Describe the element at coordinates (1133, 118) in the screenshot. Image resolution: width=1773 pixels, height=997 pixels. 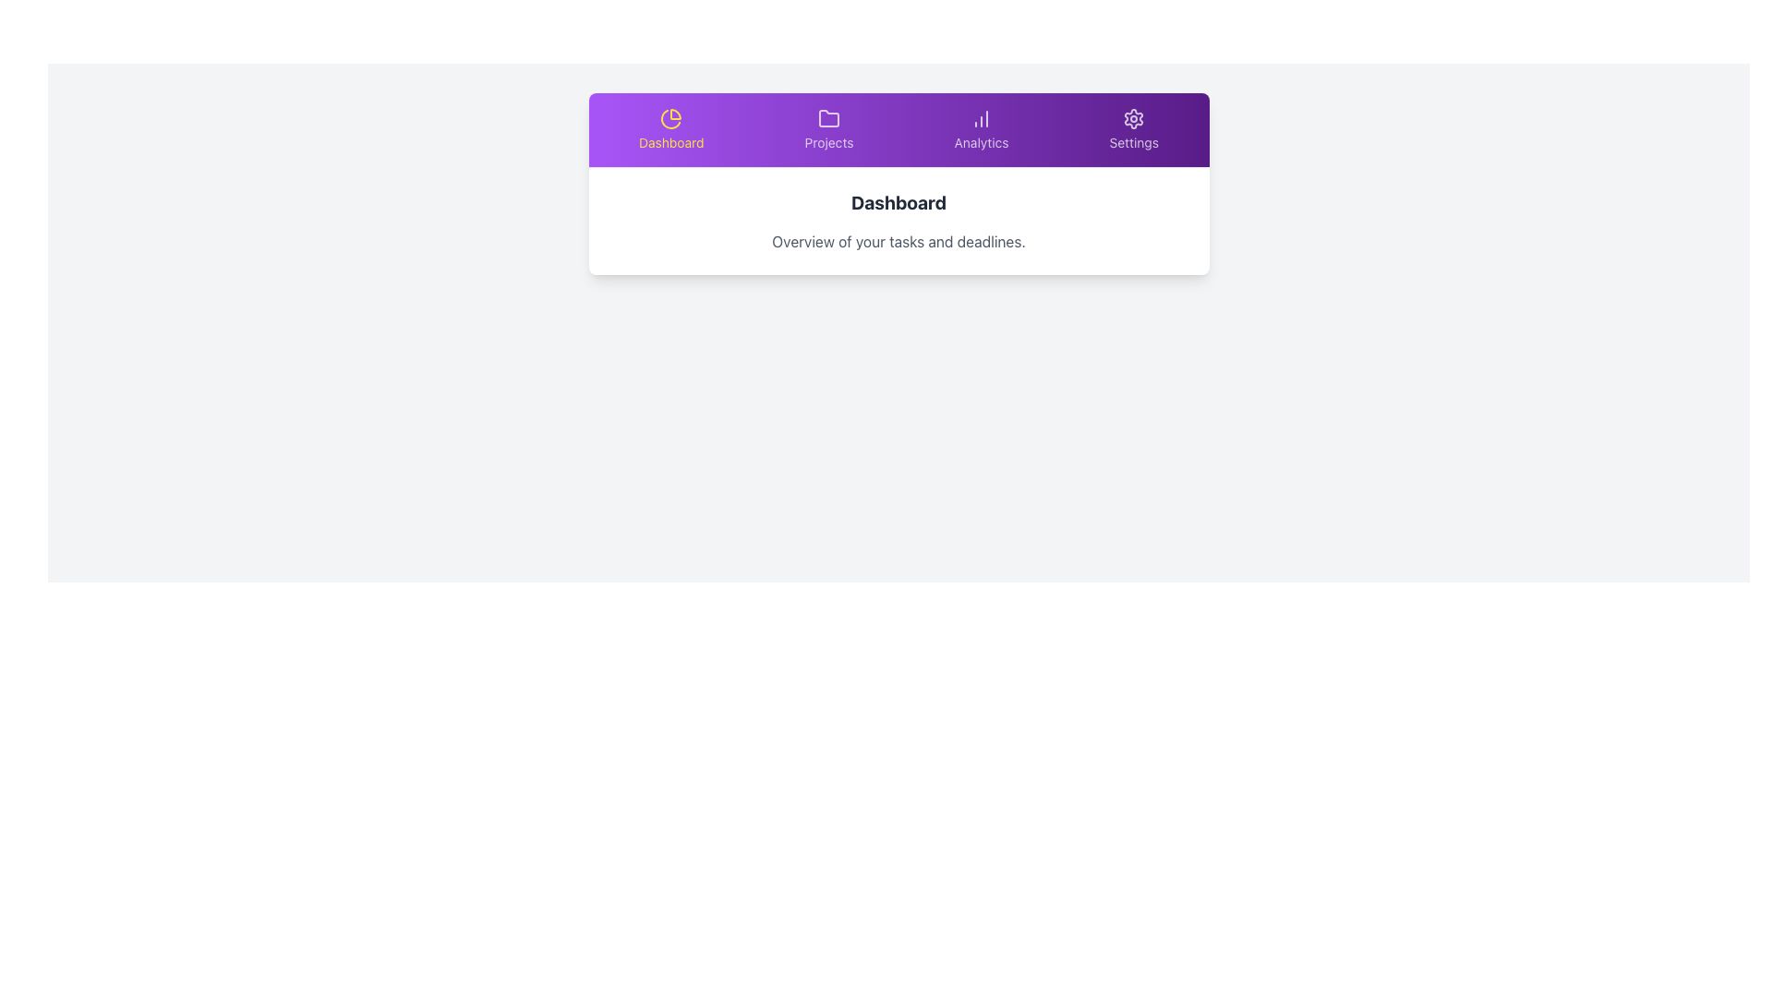
I see `the gear-like icon in the Settings tab located at the top right of the navigation panel` at that location.